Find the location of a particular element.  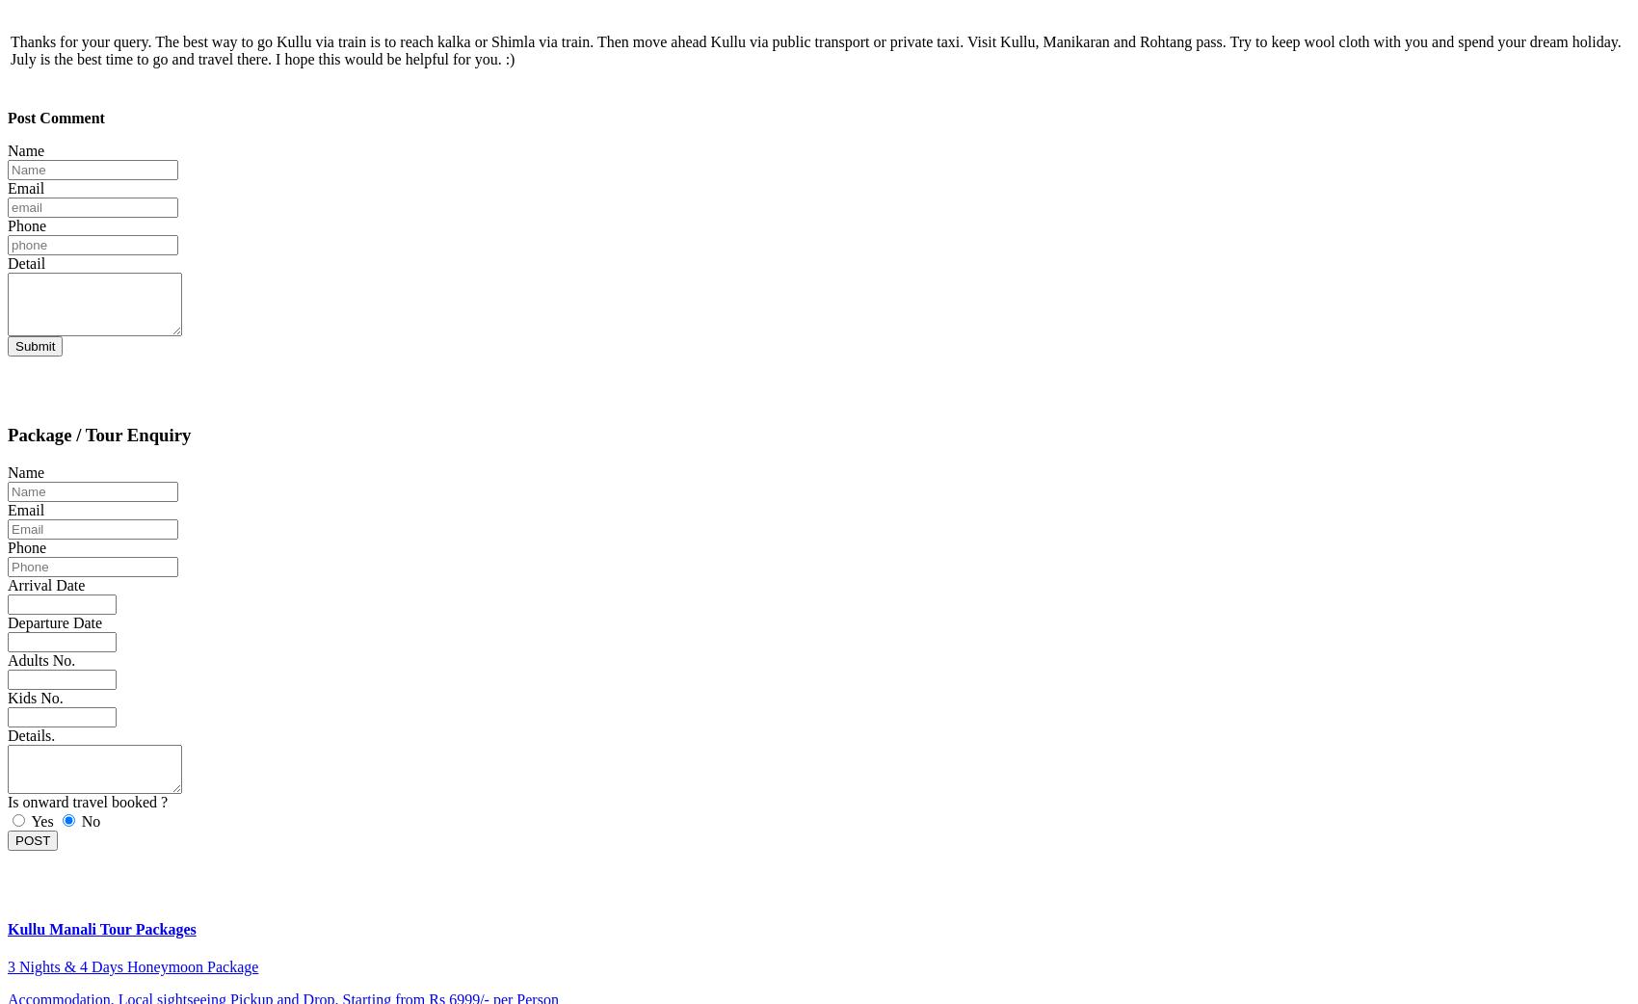

'Yes' is located at coordinates (30, 820).